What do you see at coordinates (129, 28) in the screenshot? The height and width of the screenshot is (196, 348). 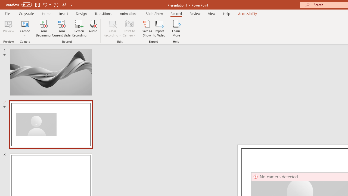 I see `'Reset to Cameo'` at bounding box center [129, 28].